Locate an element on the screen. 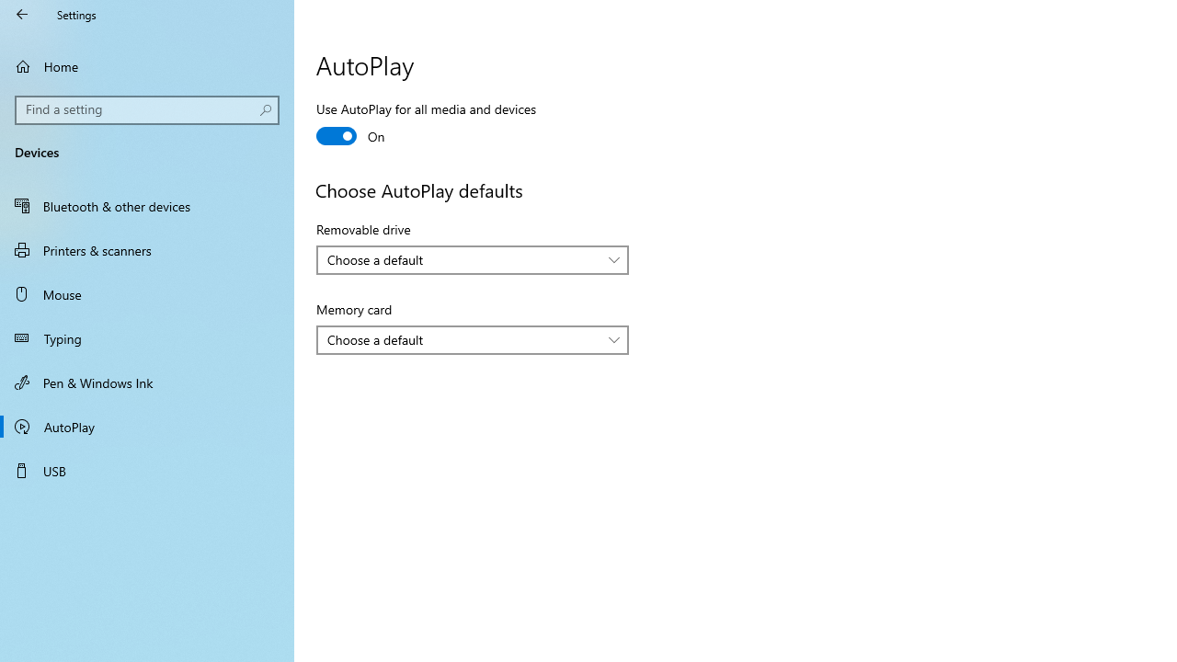  'Pen & Windows Ink' is located at coordinates (147, 381).